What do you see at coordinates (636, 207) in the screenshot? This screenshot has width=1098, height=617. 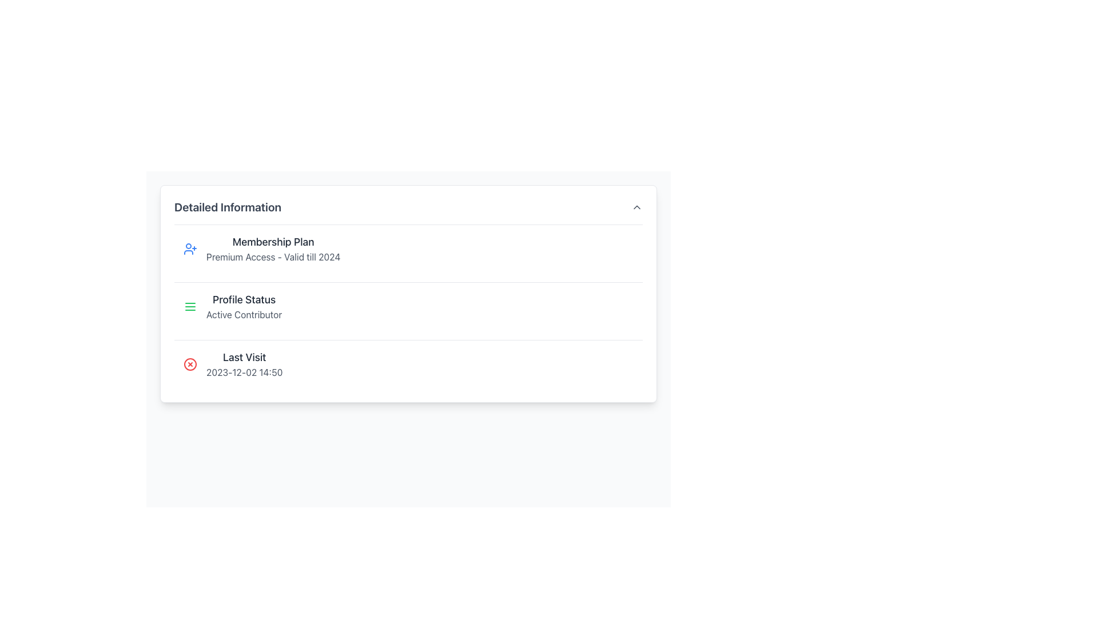 I see `the upward-pointing gray triangle icon located at the far right of the 'Detailed Information' header section to emphasize or highlight it` at bounding box center [636, 207].